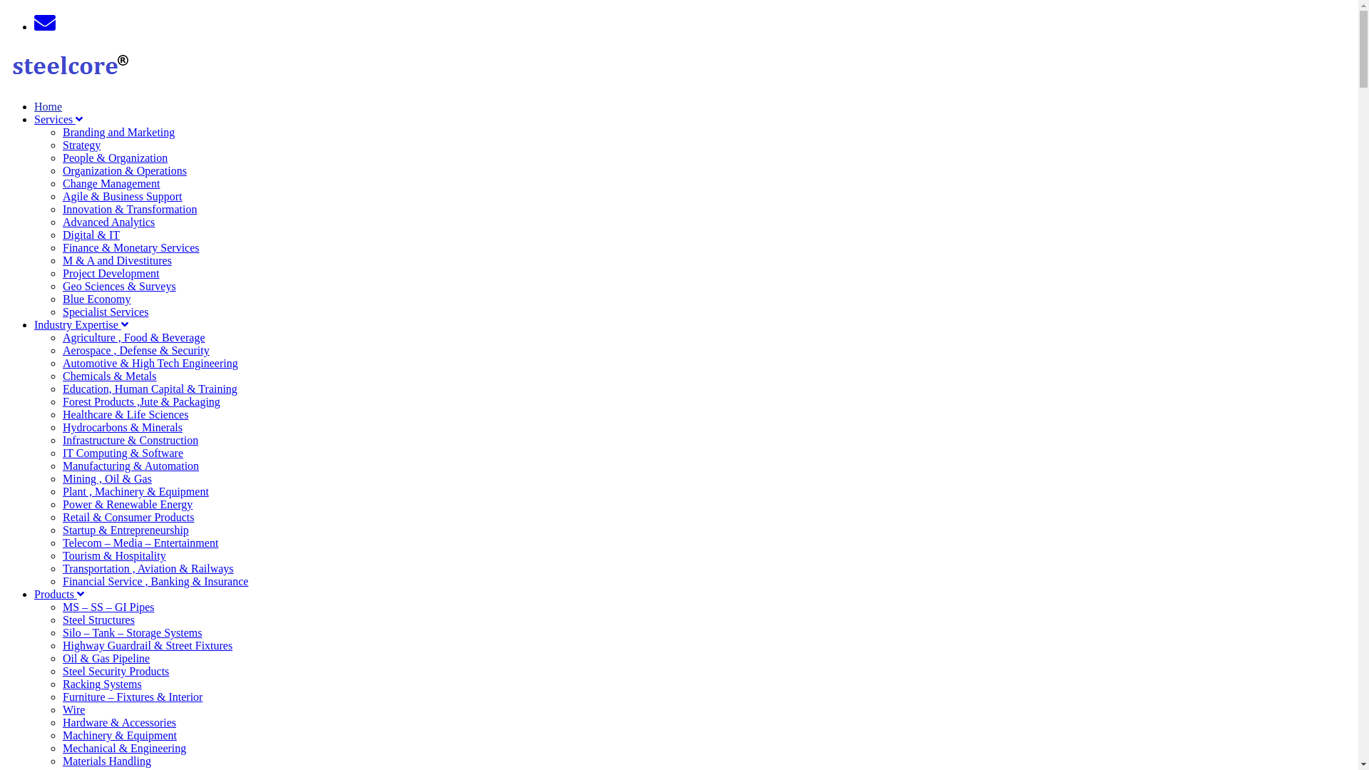 This screenshot has height=770, width=1369. I want to click on 'Aerospace , Defense & Security', so click(61, 350).